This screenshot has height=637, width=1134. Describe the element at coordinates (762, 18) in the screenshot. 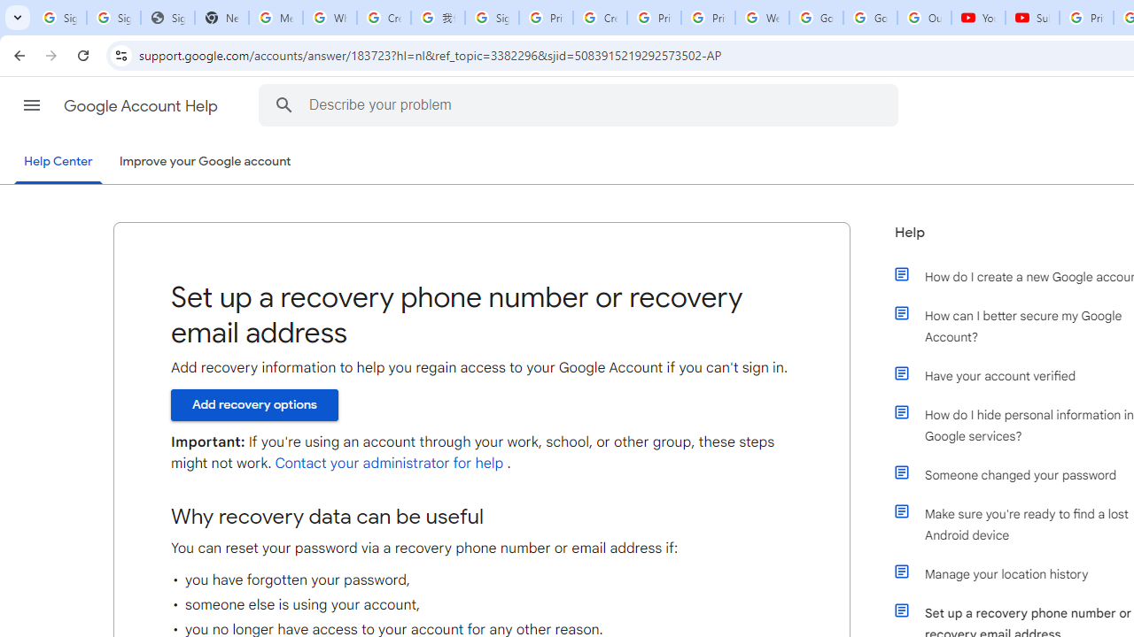

I see `'Welcome to My Activity'` at that location.